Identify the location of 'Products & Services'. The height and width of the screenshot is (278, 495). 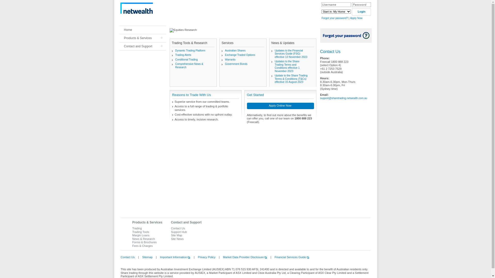
(147, 222).